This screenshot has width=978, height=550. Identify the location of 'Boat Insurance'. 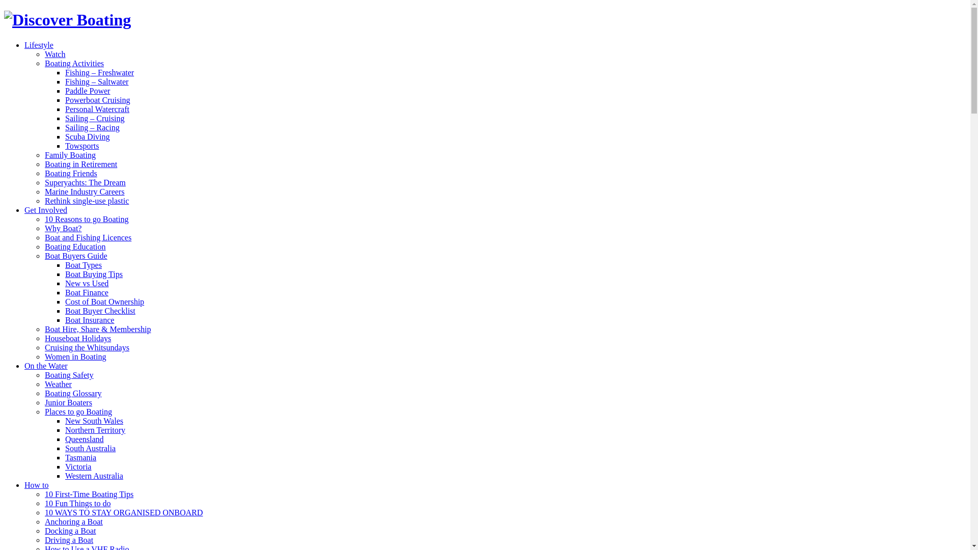
(90, 319).